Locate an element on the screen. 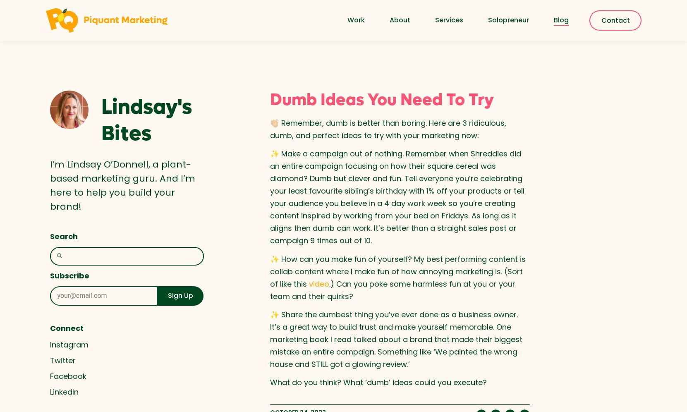 The width and height of the screenshot is (687, 412). 'Solopreneur' is located at coordinates (508, 19).